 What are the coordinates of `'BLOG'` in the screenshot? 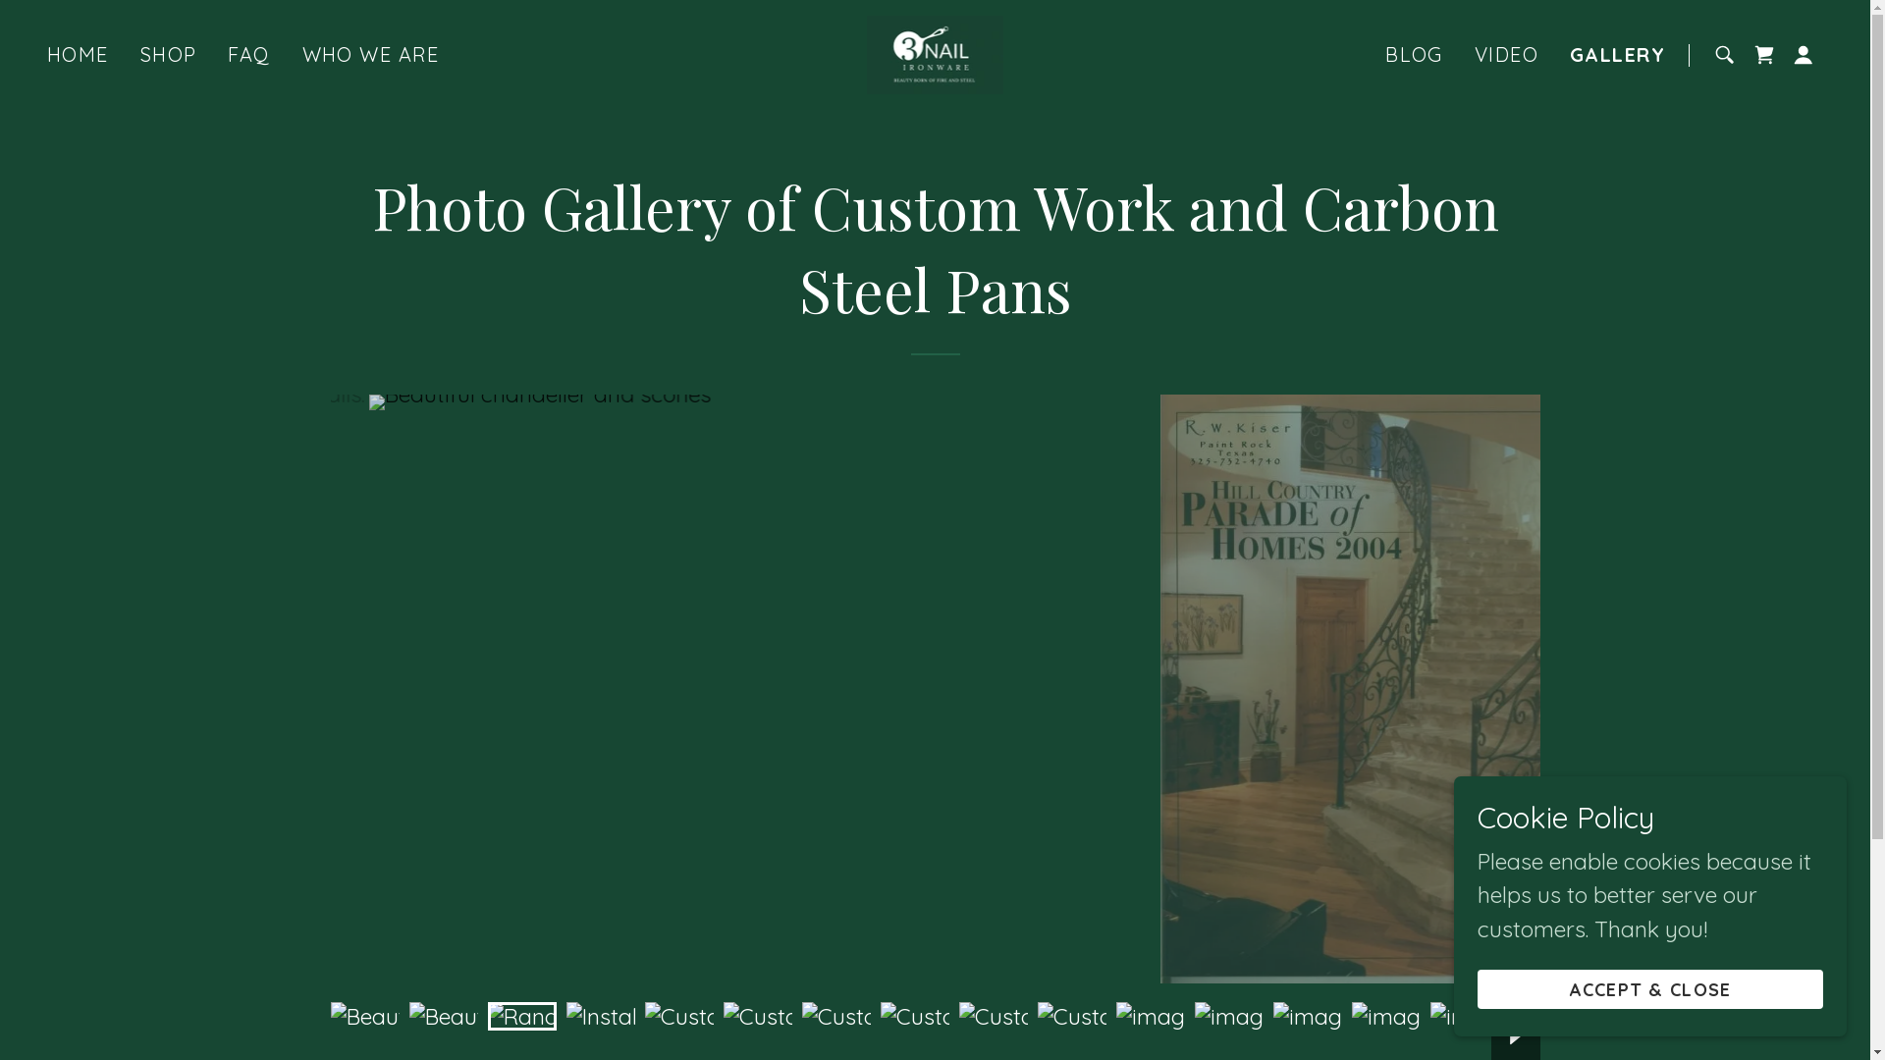 It's located at (1414, 54).